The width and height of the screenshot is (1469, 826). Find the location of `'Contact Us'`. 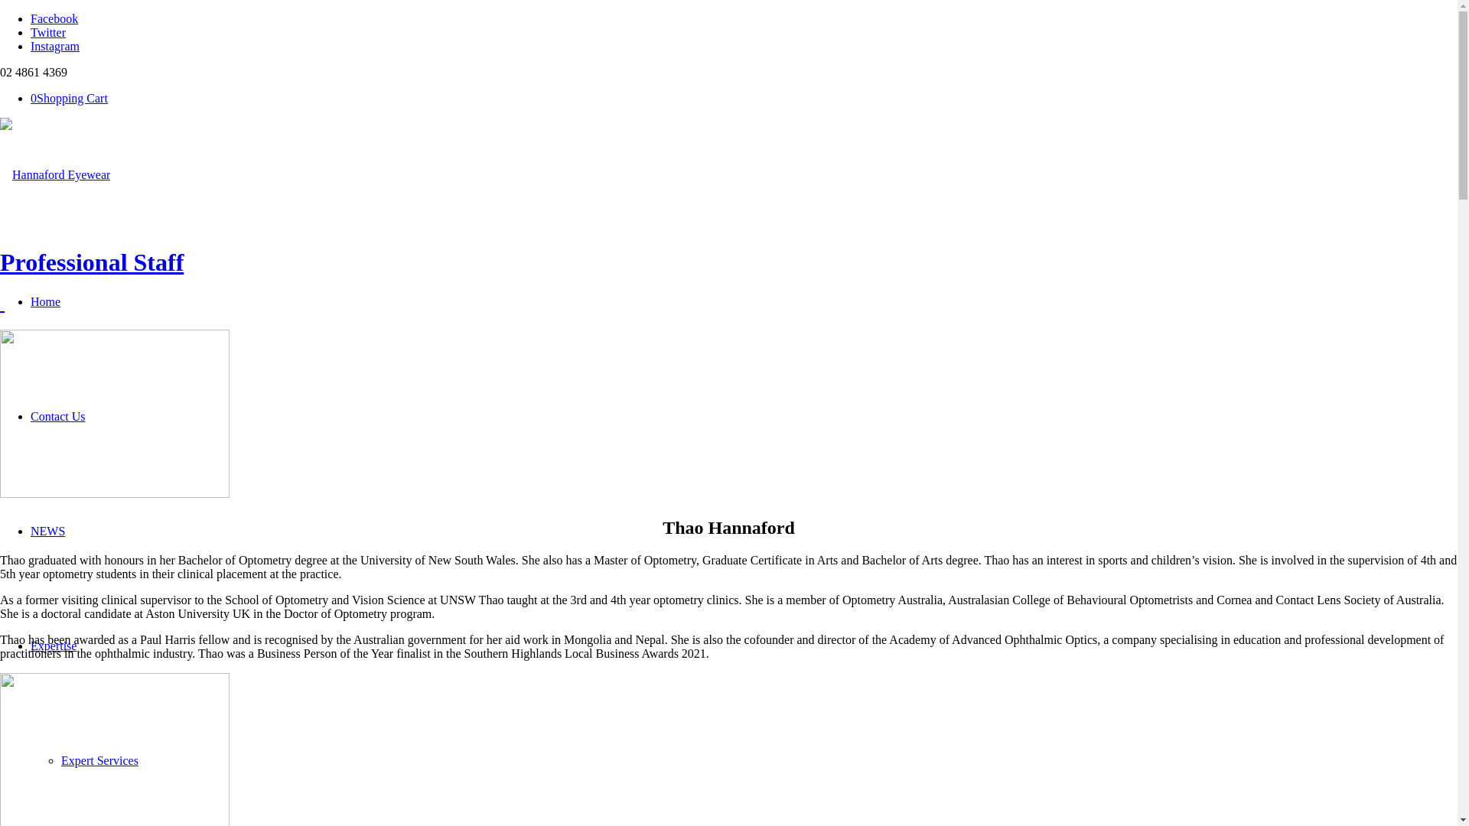

'Contact Us' is located at coordinates (58, 416).